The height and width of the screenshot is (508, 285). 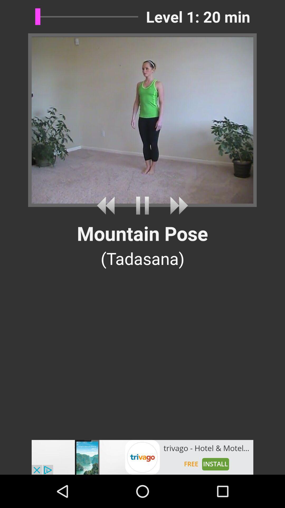 I want to click on open advertisements, so click(x=142, y=457).